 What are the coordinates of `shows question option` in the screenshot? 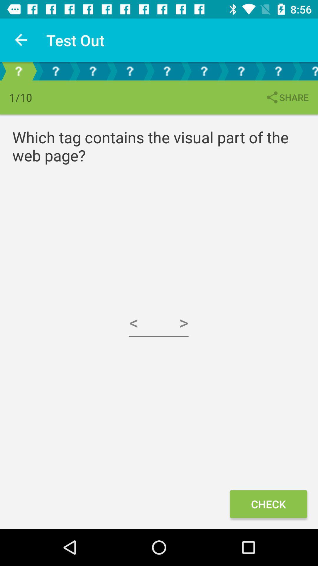 It's located at (278, 71).